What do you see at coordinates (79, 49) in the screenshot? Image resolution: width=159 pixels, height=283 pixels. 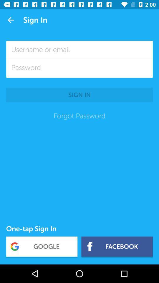 I see `username or email` at bounding box center [79, 49].